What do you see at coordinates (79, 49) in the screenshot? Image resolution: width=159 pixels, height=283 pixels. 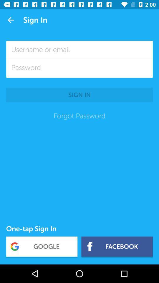 I see `username or email` at bounding box center [79, 49].